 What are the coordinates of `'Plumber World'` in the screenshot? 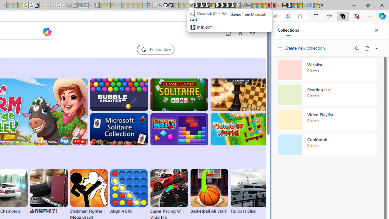 It's located at (239, 129).